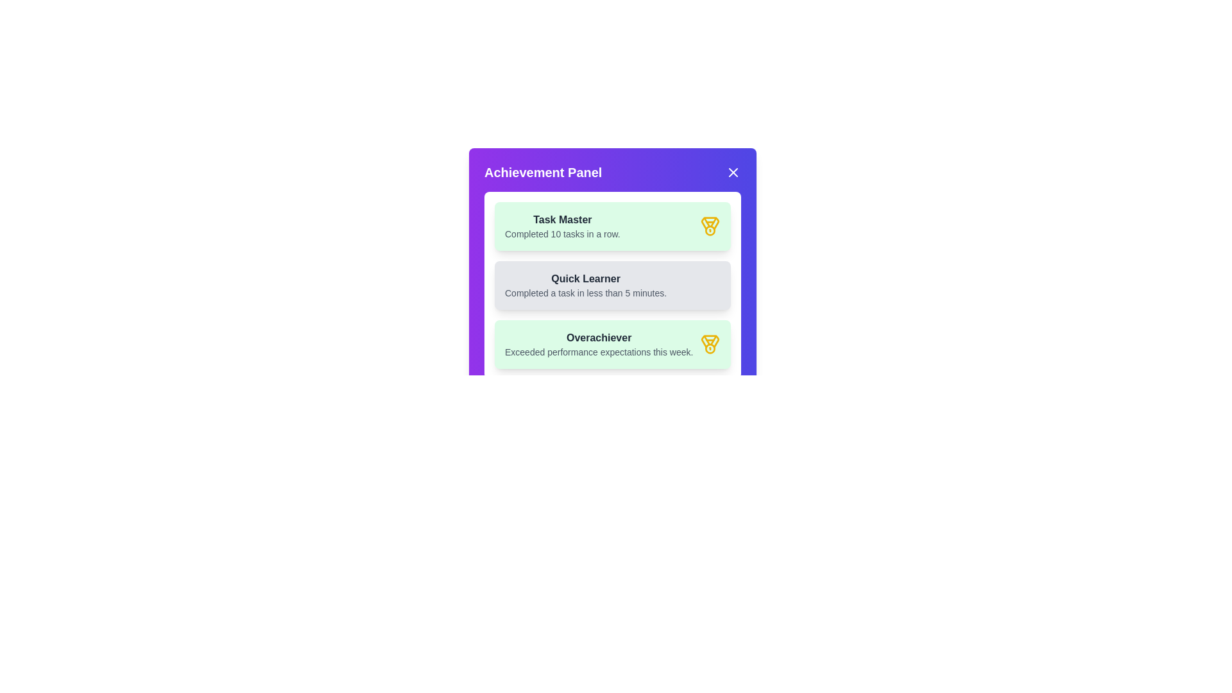  Describe the element at coordinates (733, 172) in the screenshot. I see `the circular close button with a cross symbol in the top-right corner of the Achievement Panel` at that location.